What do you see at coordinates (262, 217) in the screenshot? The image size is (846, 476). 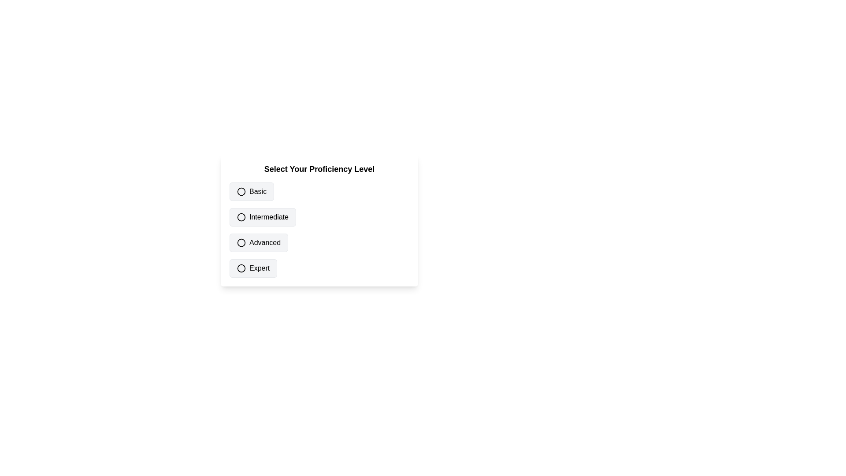 I see `the 'Intermediate' radio button element for keyboard navigation` at bounding box center [262, 217].